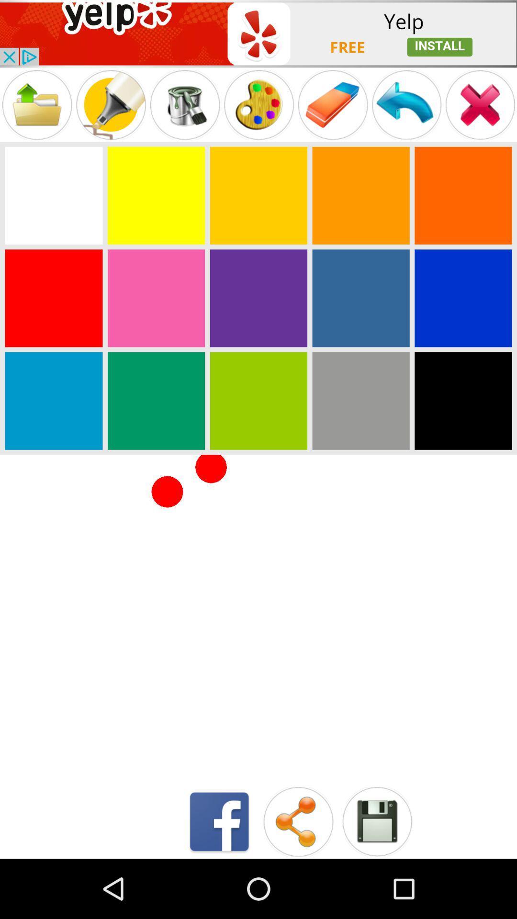  I want to click on blue, so click(462, 298).